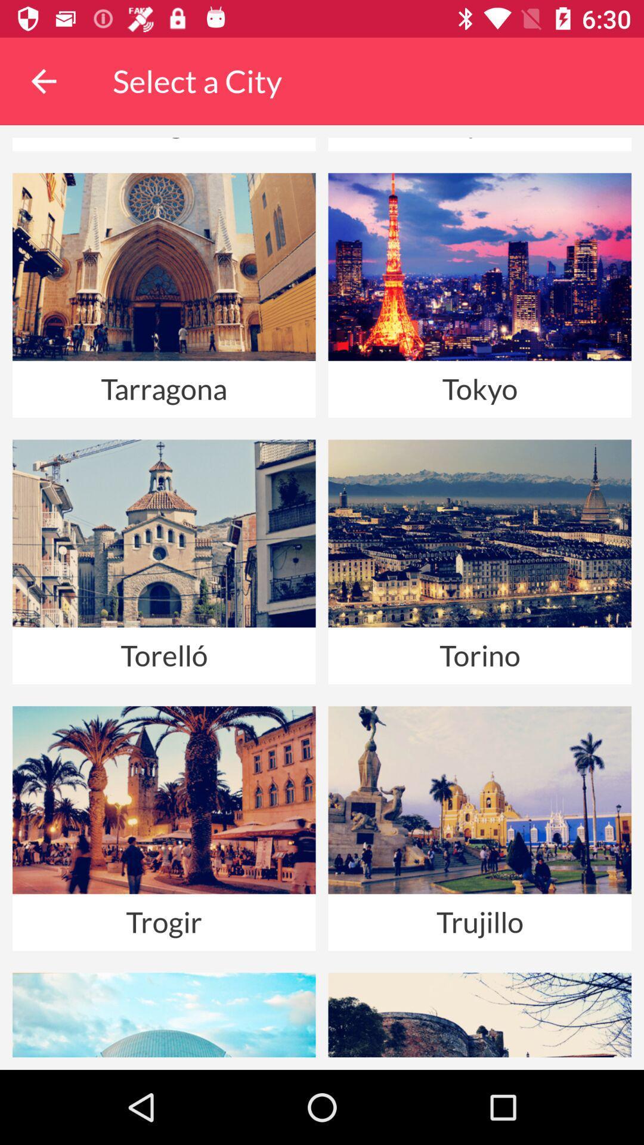  Describe the element at coordinates (43, 81) in the screenshot. I see `the item above the shanghai` at that location.